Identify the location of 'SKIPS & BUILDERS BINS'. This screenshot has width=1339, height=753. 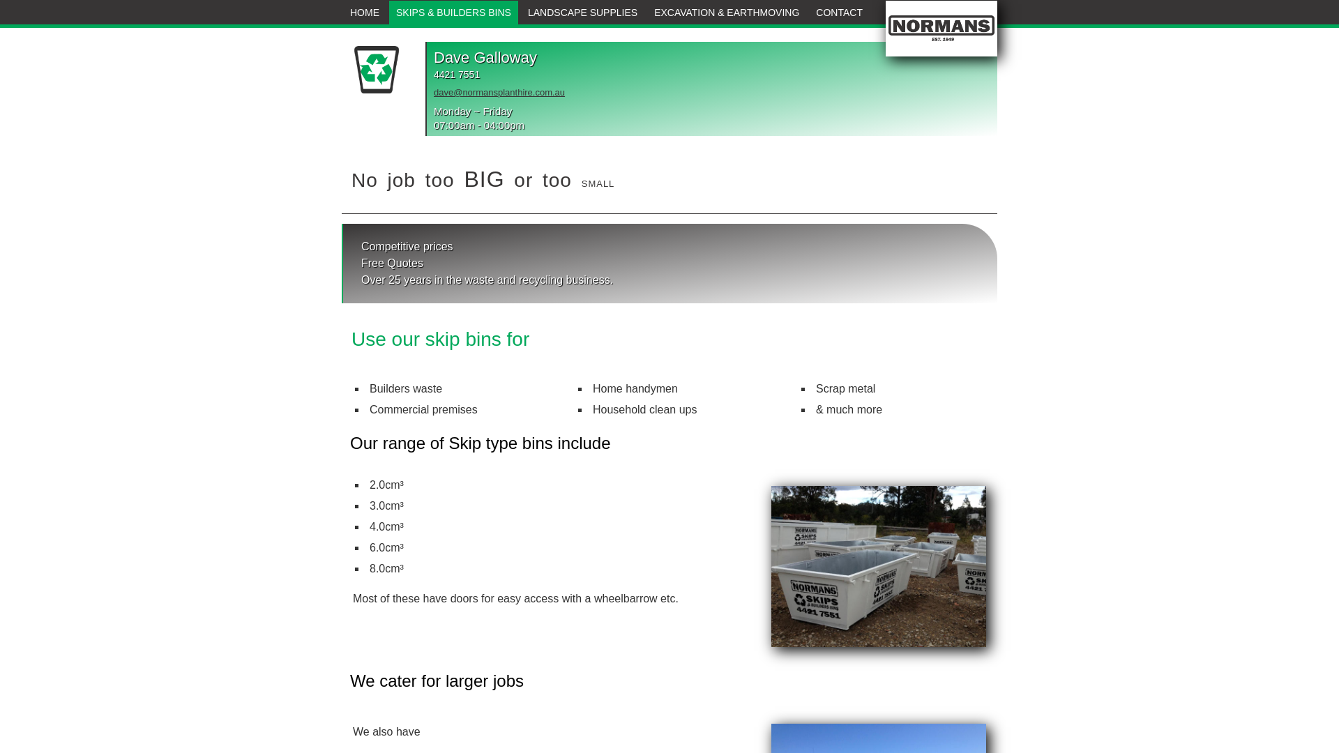
(453, 13).